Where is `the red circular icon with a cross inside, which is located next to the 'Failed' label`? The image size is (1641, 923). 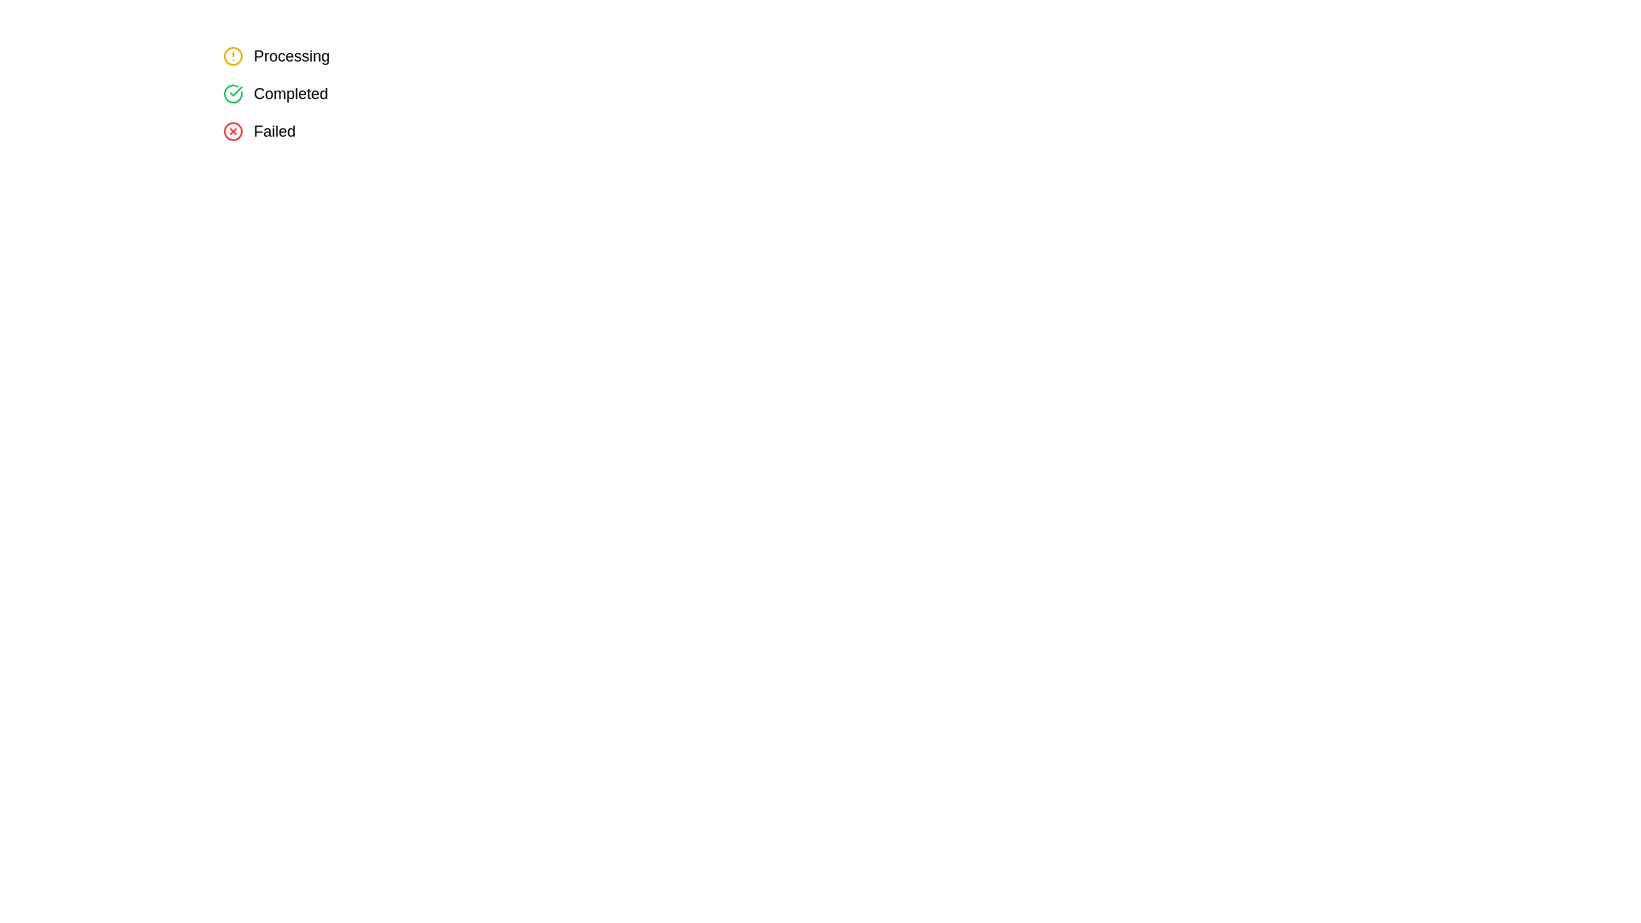
the red circular icon with a cross inside, which is located next to the 'Failed' label is located at coordinates (232, 131).